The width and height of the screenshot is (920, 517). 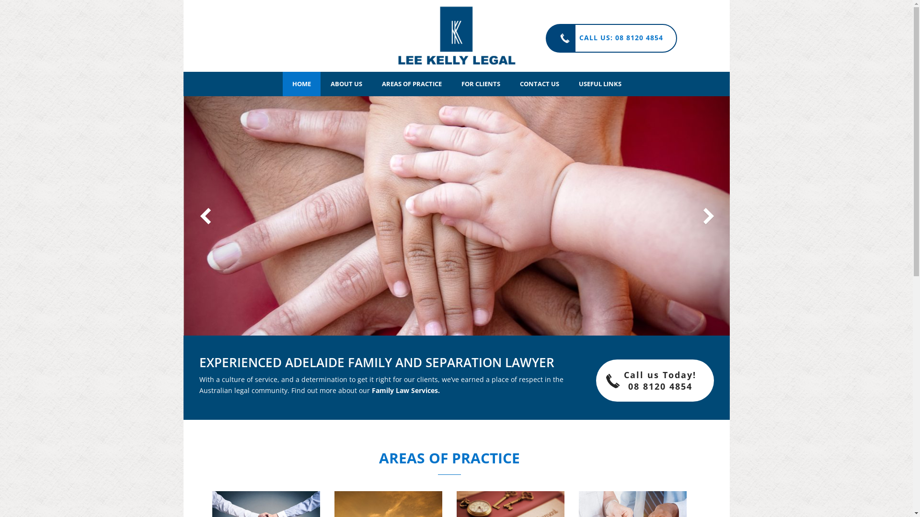 What do you see at coordinates (480, 83) in the screenshot?
I see `'FOR CLIENTS'` at bounding box center [480, 83].